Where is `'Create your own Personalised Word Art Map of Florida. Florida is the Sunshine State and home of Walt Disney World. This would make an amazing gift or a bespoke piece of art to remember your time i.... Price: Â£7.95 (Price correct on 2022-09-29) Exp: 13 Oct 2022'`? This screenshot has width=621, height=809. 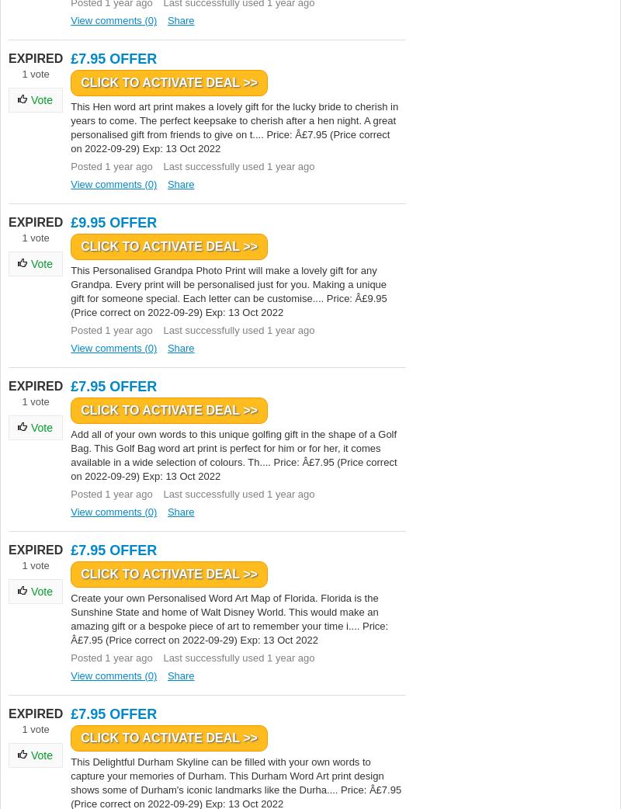 'Create your own Personalised Word Art Map of Florida. Florida is the Sunshine State and home of Walt Disney World. This would make an amazing gift or a bespoke piece of art to remember your time i.... Price: Â£7.95 (Price correct on 2022-09-29) Exp: 13 Oct 2022' is located at coordinates (229, 619).